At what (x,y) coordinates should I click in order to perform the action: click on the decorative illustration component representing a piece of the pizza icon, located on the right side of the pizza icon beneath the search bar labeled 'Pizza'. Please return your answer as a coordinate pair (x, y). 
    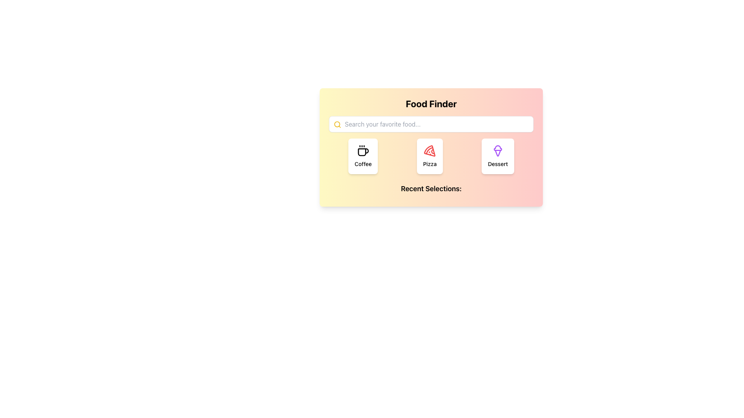
    Looking at the image, I should click on (432, 151).